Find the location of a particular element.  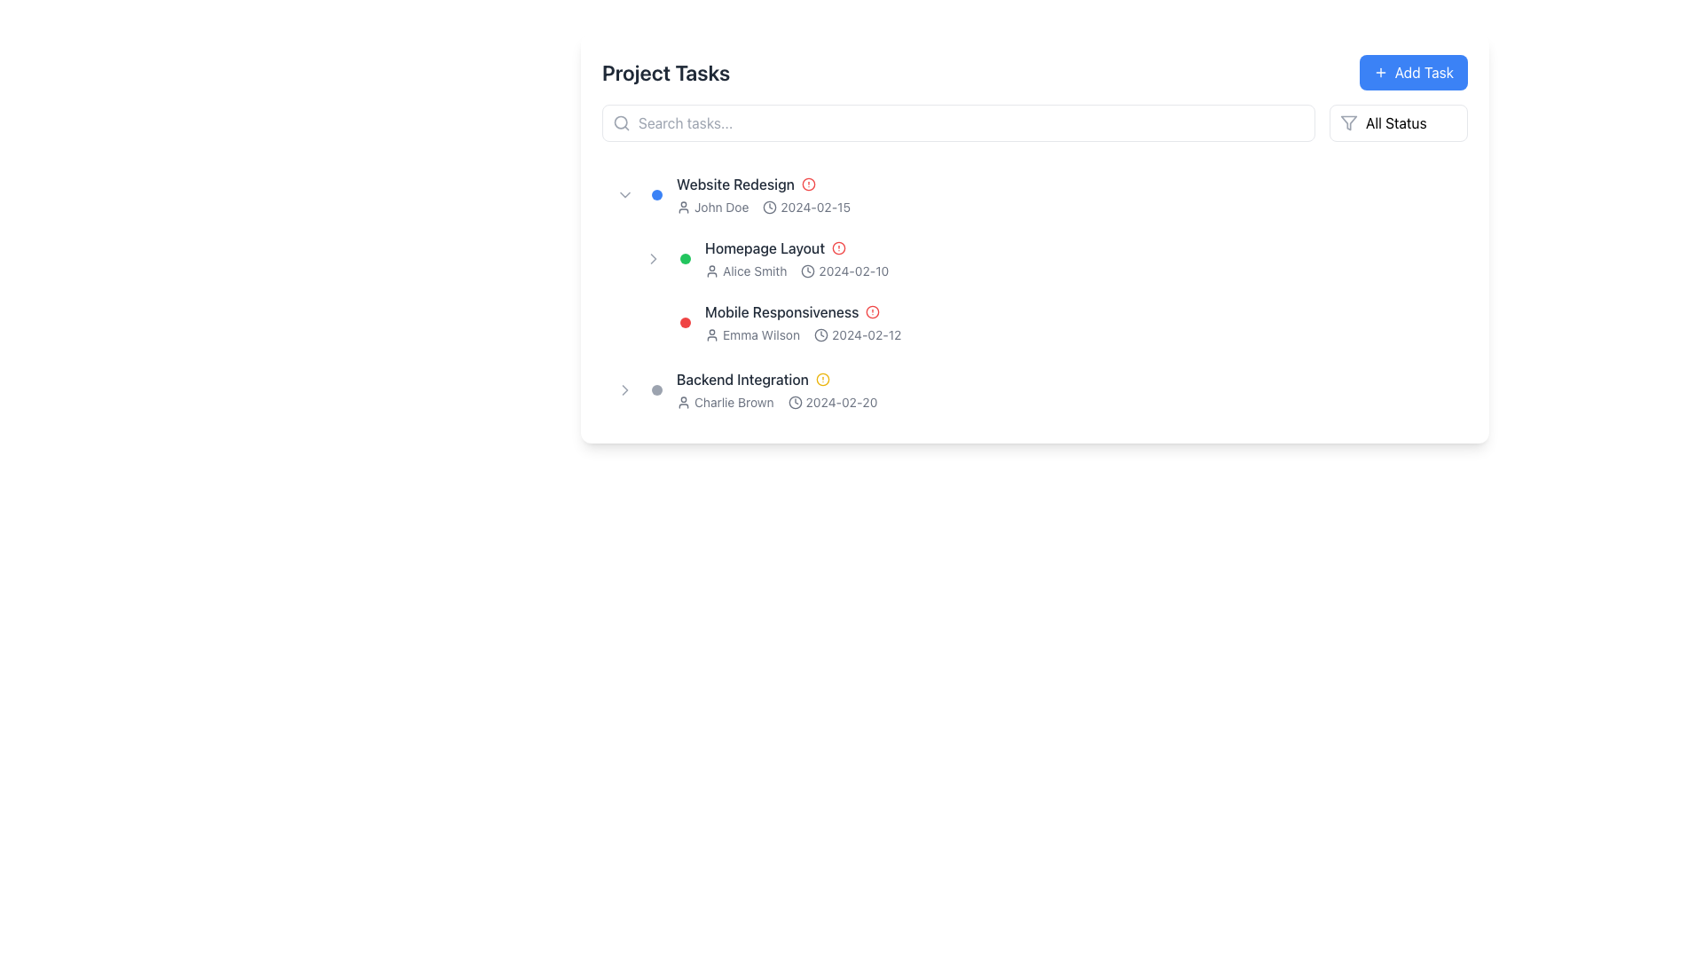

the List item labeled 'Mobile Responsiveness' which has a red round badge and is positioned between 'Homepage Layout' and 'Backend Integration' is located at coordinates (1048, 322).